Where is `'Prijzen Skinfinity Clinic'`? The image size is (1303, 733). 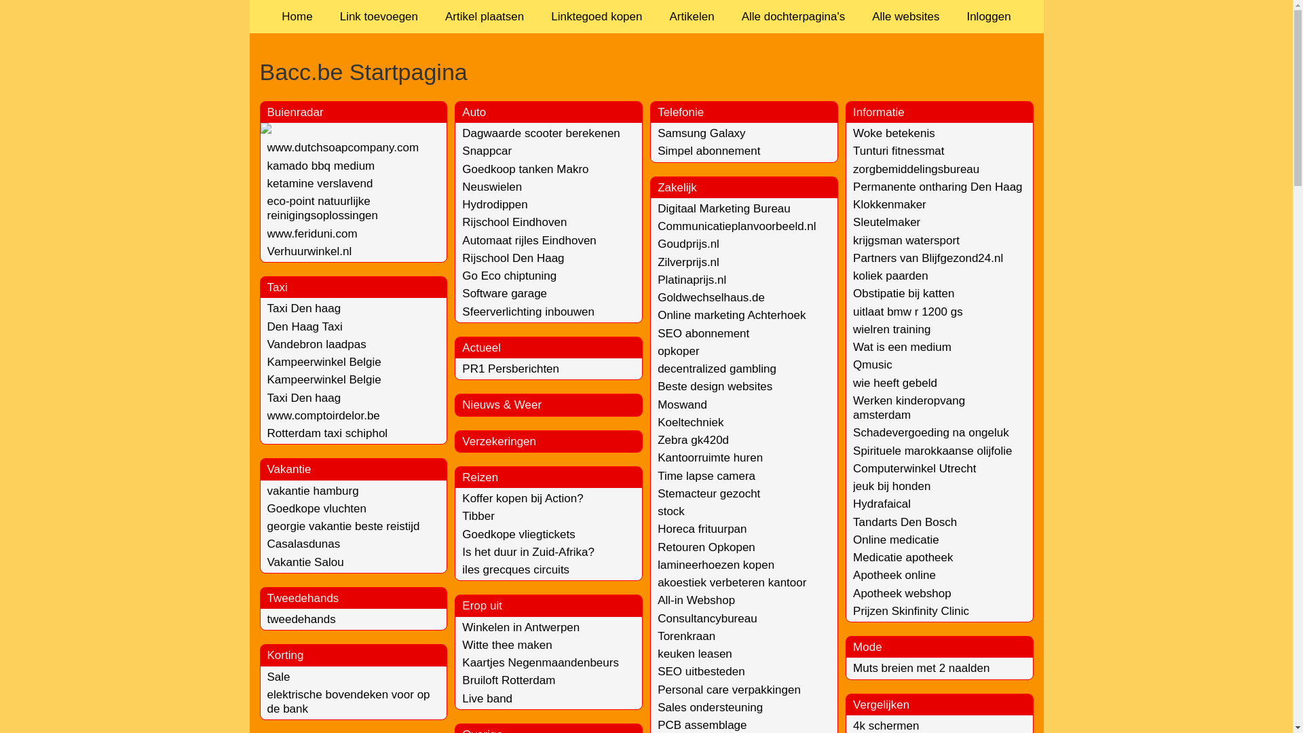
'Prijzen Skinfinity Clinic' is located at coordinates (911, 611).